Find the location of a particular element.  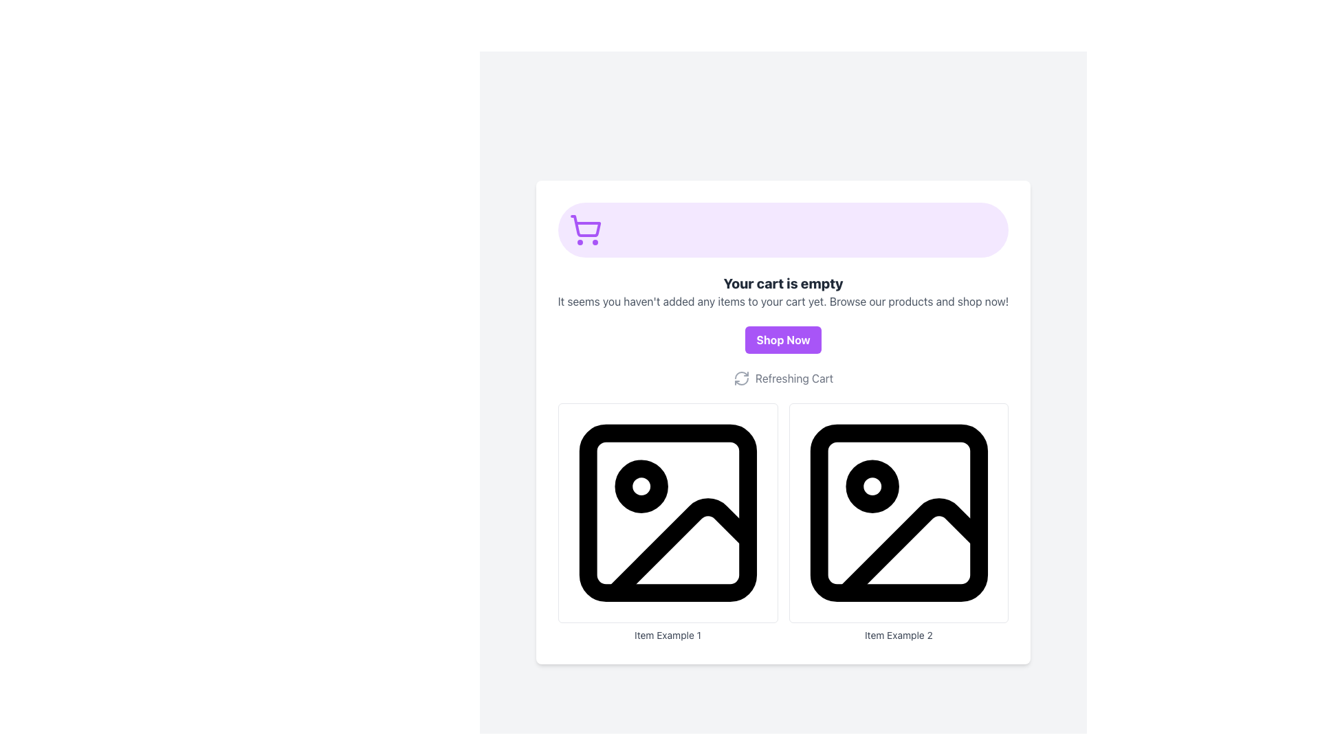

the shopping cart icon located in the top left portion of the circular background at the top center of the page is located at coordinates (585, 229).